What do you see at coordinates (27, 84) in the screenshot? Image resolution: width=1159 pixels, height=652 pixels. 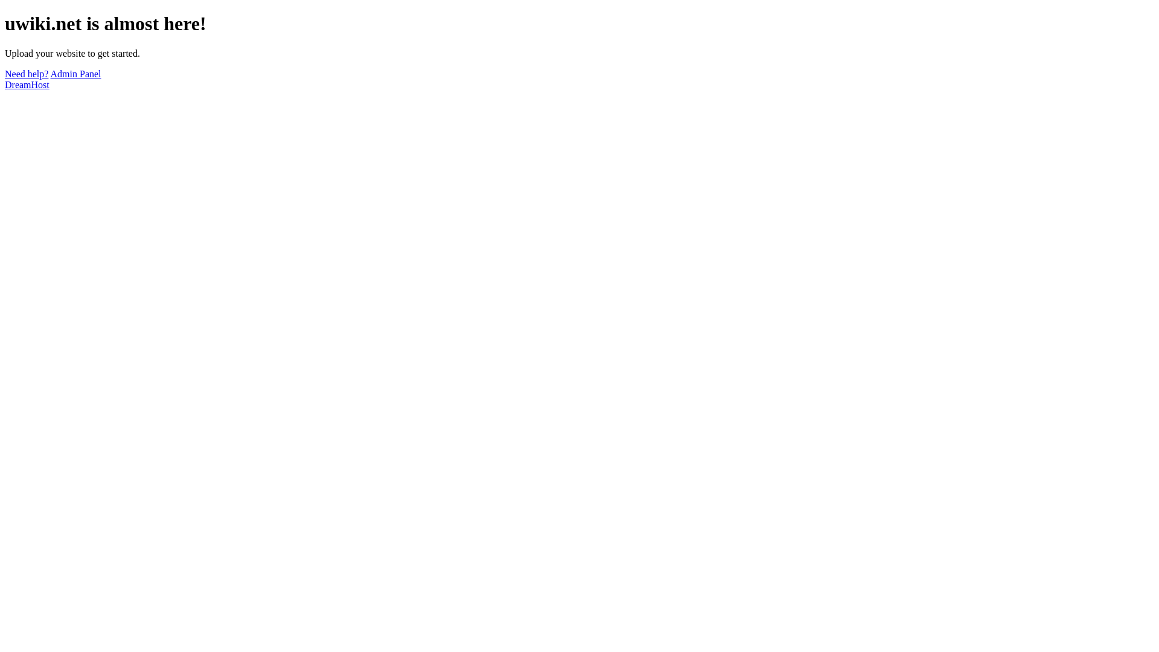 I see `'DreamHost'` at bounding box center [27, 84].